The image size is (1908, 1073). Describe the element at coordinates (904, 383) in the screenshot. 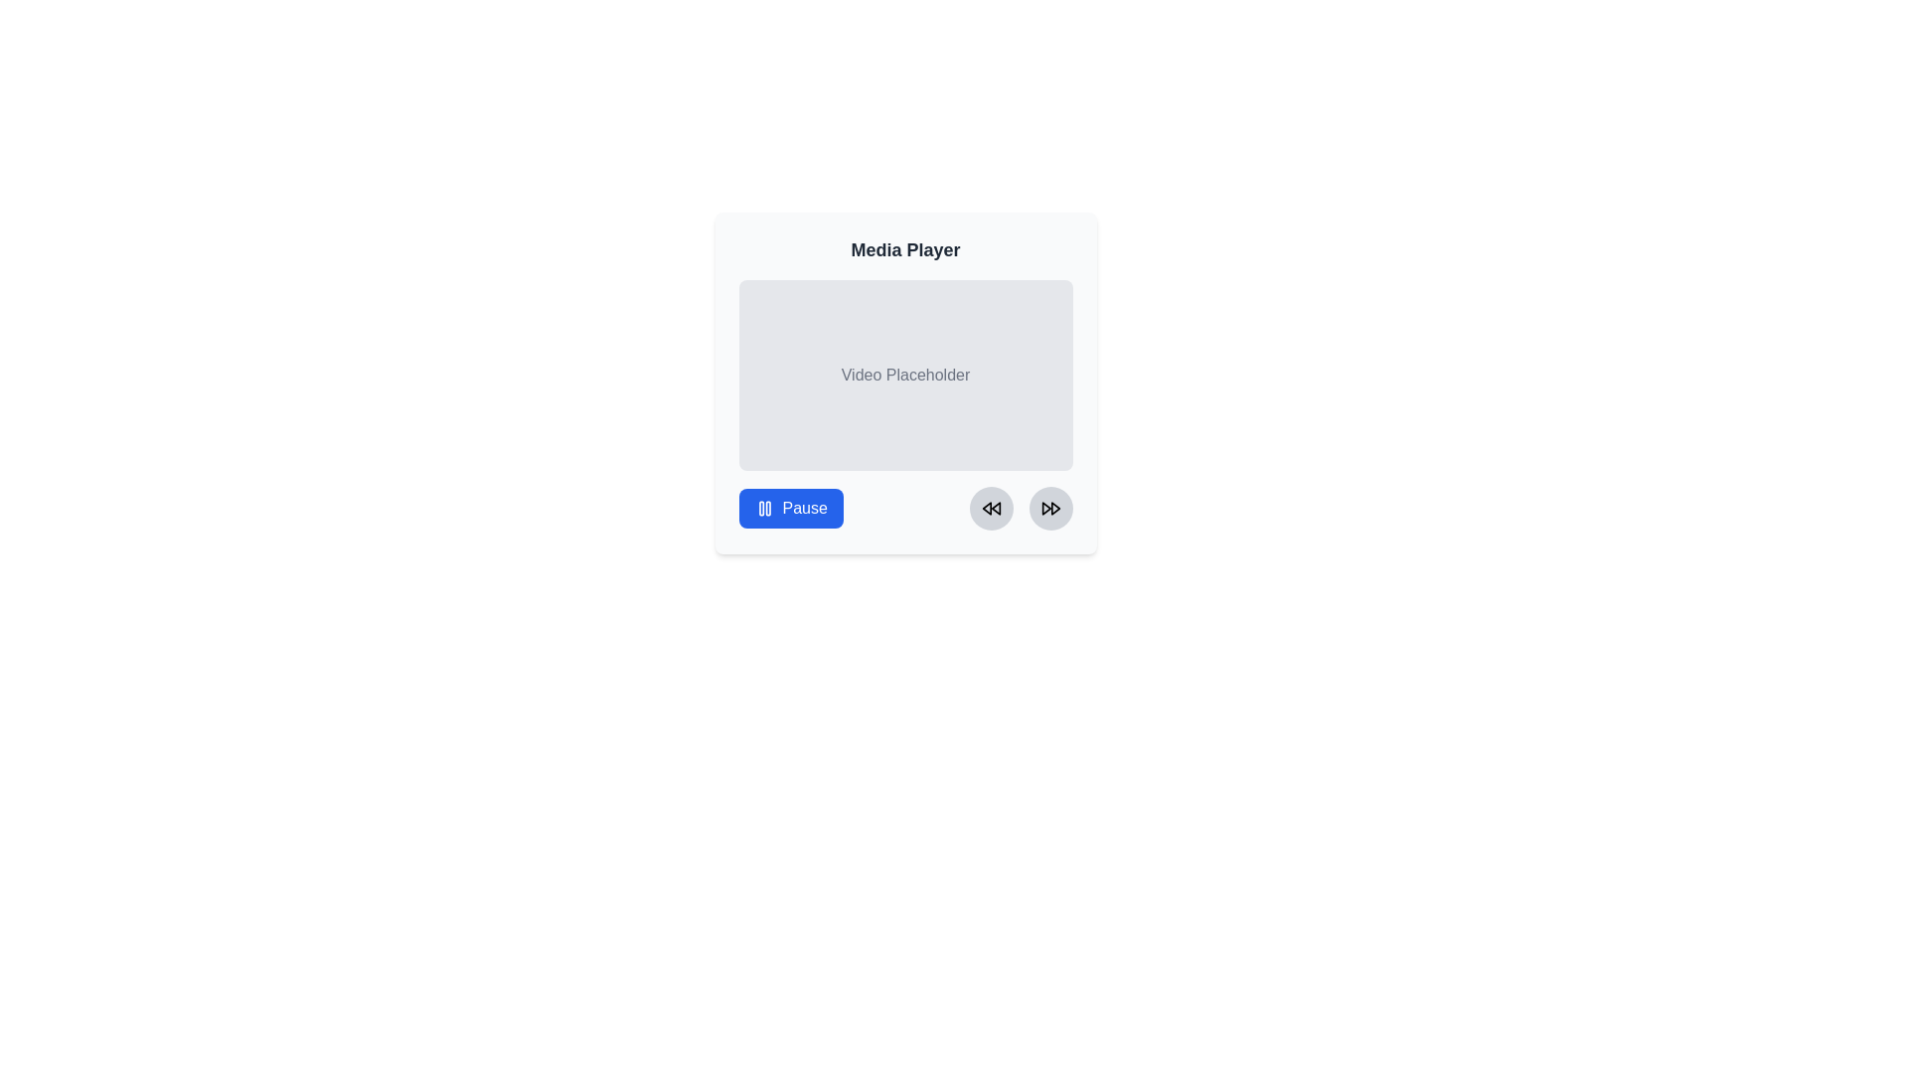

I see `the placeholder element in the media player interface, which visually represents the area for video content, located below the title 'Media Player' and above the control buttons` at that location.